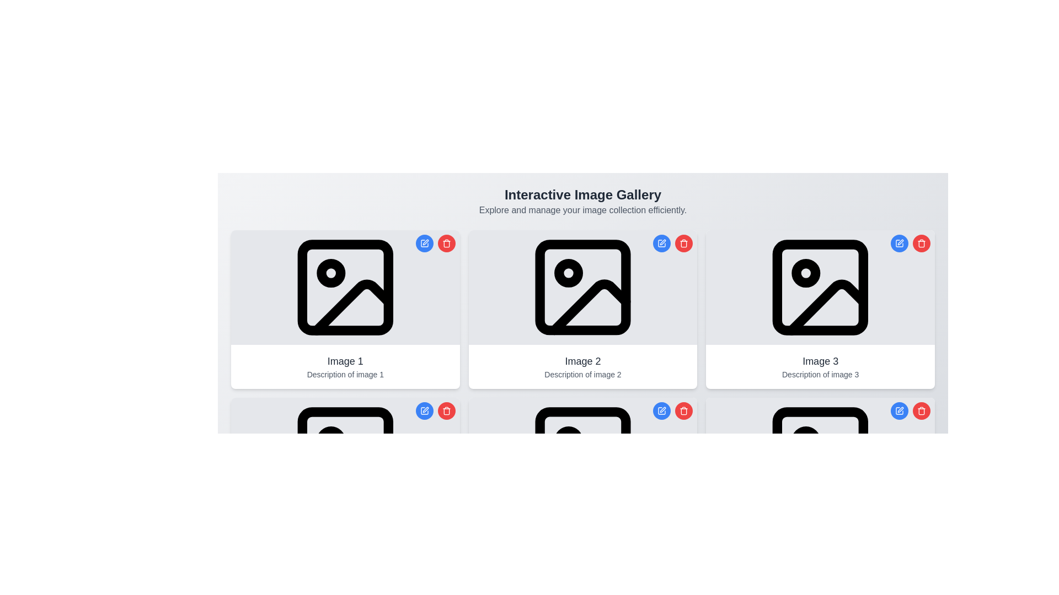  What do you see at coordinates (345, 286) in the screenshot?
I see `the graphical icon component located in the top-left corner of the photo graphic within the 'Image 1' card` at bounding box center [345, 286].